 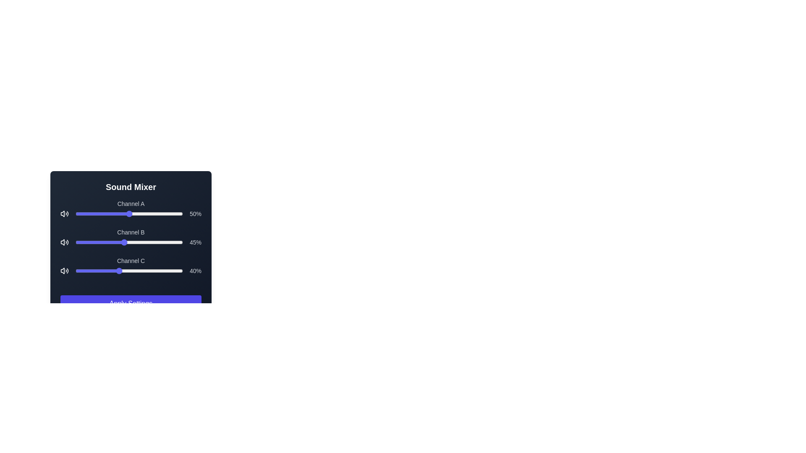 I want to click on the slider, so click(x=124, y=271).